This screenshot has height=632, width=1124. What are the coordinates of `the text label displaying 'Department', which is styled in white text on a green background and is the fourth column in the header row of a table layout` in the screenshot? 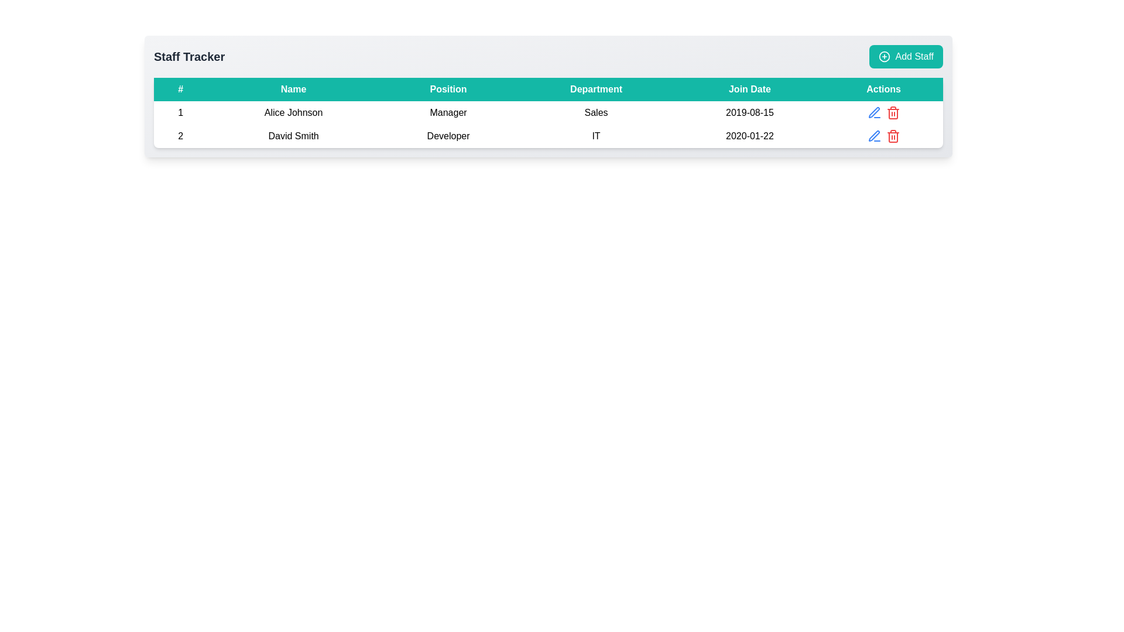 It's located at (596, 89).